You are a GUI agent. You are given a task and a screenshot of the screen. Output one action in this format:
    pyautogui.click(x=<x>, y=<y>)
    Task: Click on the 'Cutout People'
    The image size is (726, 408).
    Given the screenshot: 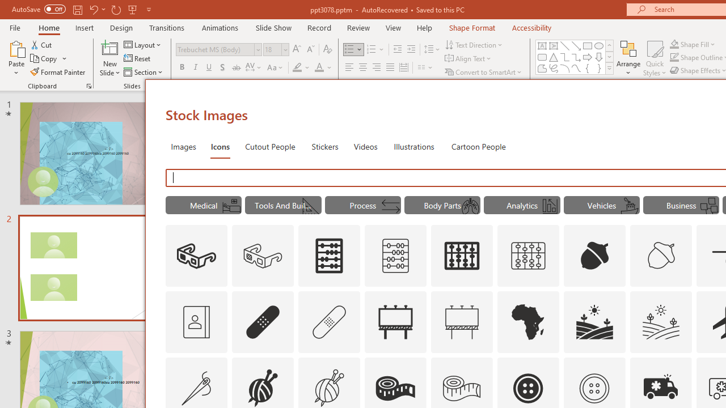 What is the action you would take?
    pyautogui.click(x=270, y=146)
    